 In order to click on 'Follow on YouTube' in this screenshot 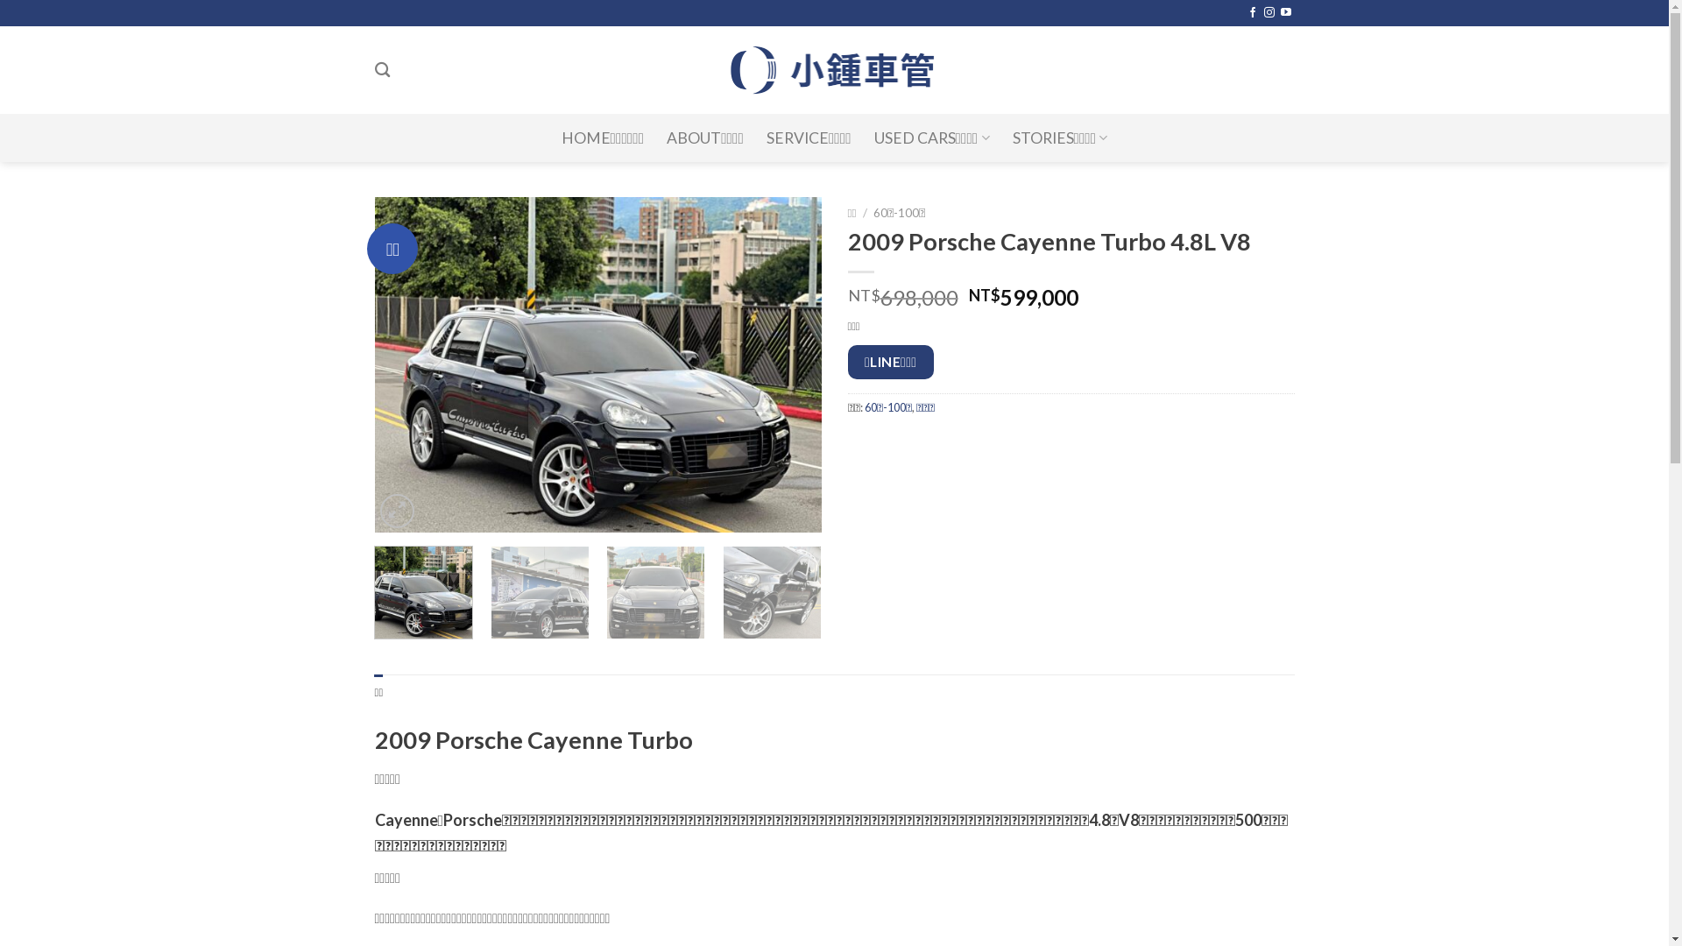, I will do `click(1286, 13)`.